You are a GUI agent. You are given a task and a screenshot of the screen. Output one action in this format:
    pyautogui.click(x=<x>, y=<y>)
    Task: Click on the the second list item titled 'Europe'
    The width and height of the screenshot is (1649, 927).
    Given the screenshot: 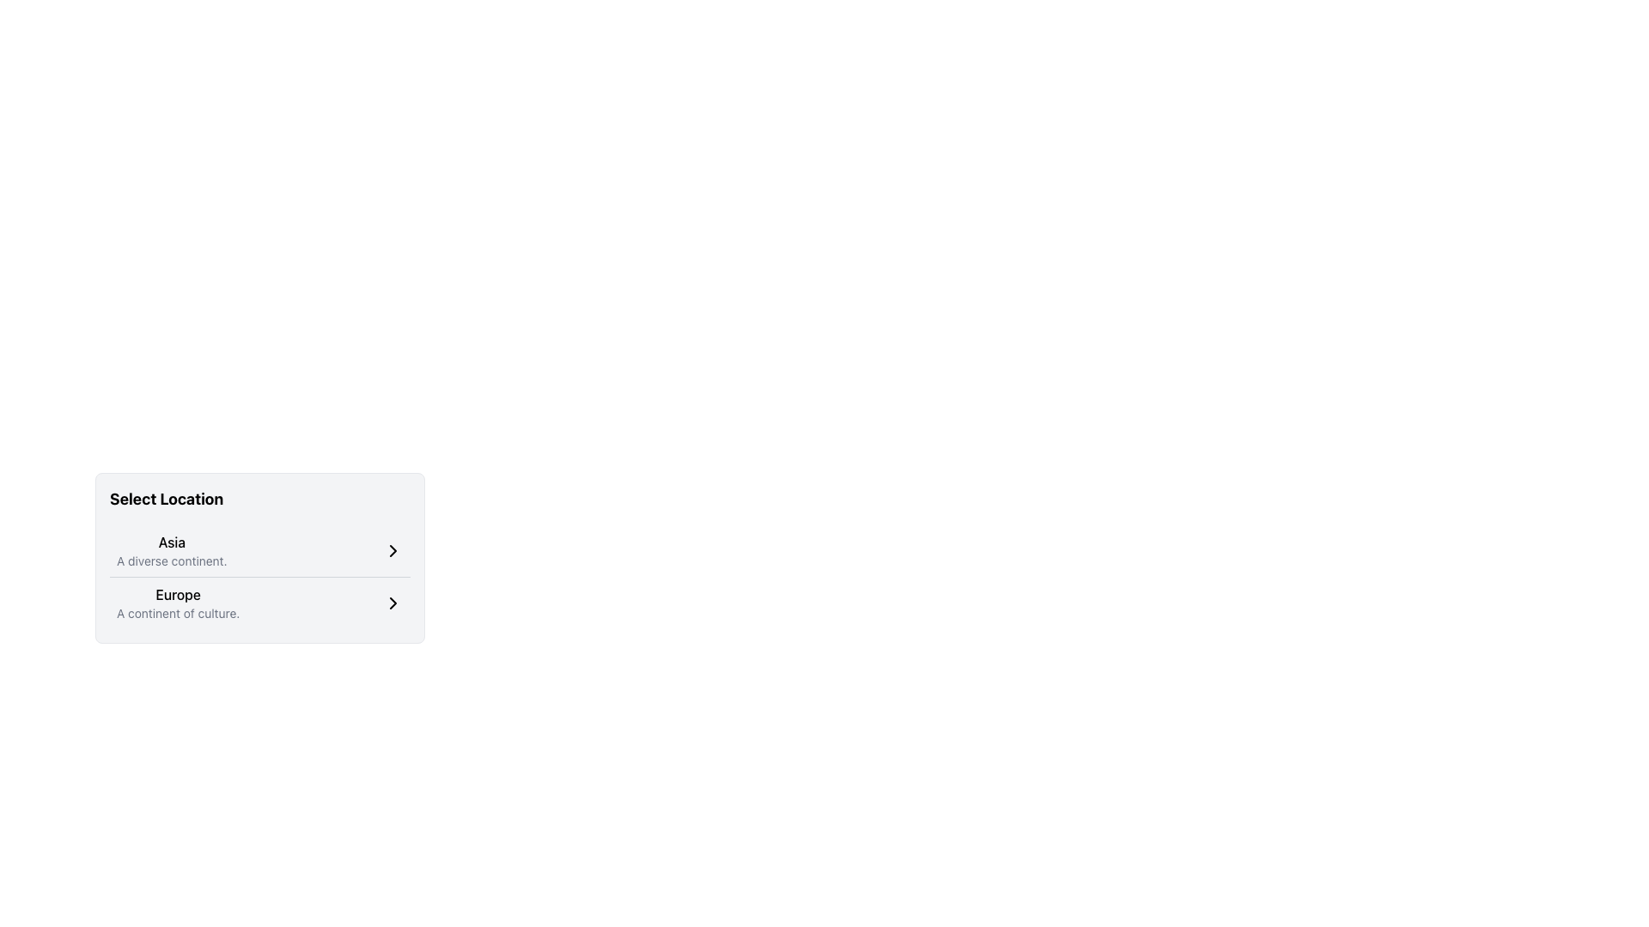 What is the action you would take?
    pyautogui.click(x=259, y=602)
    